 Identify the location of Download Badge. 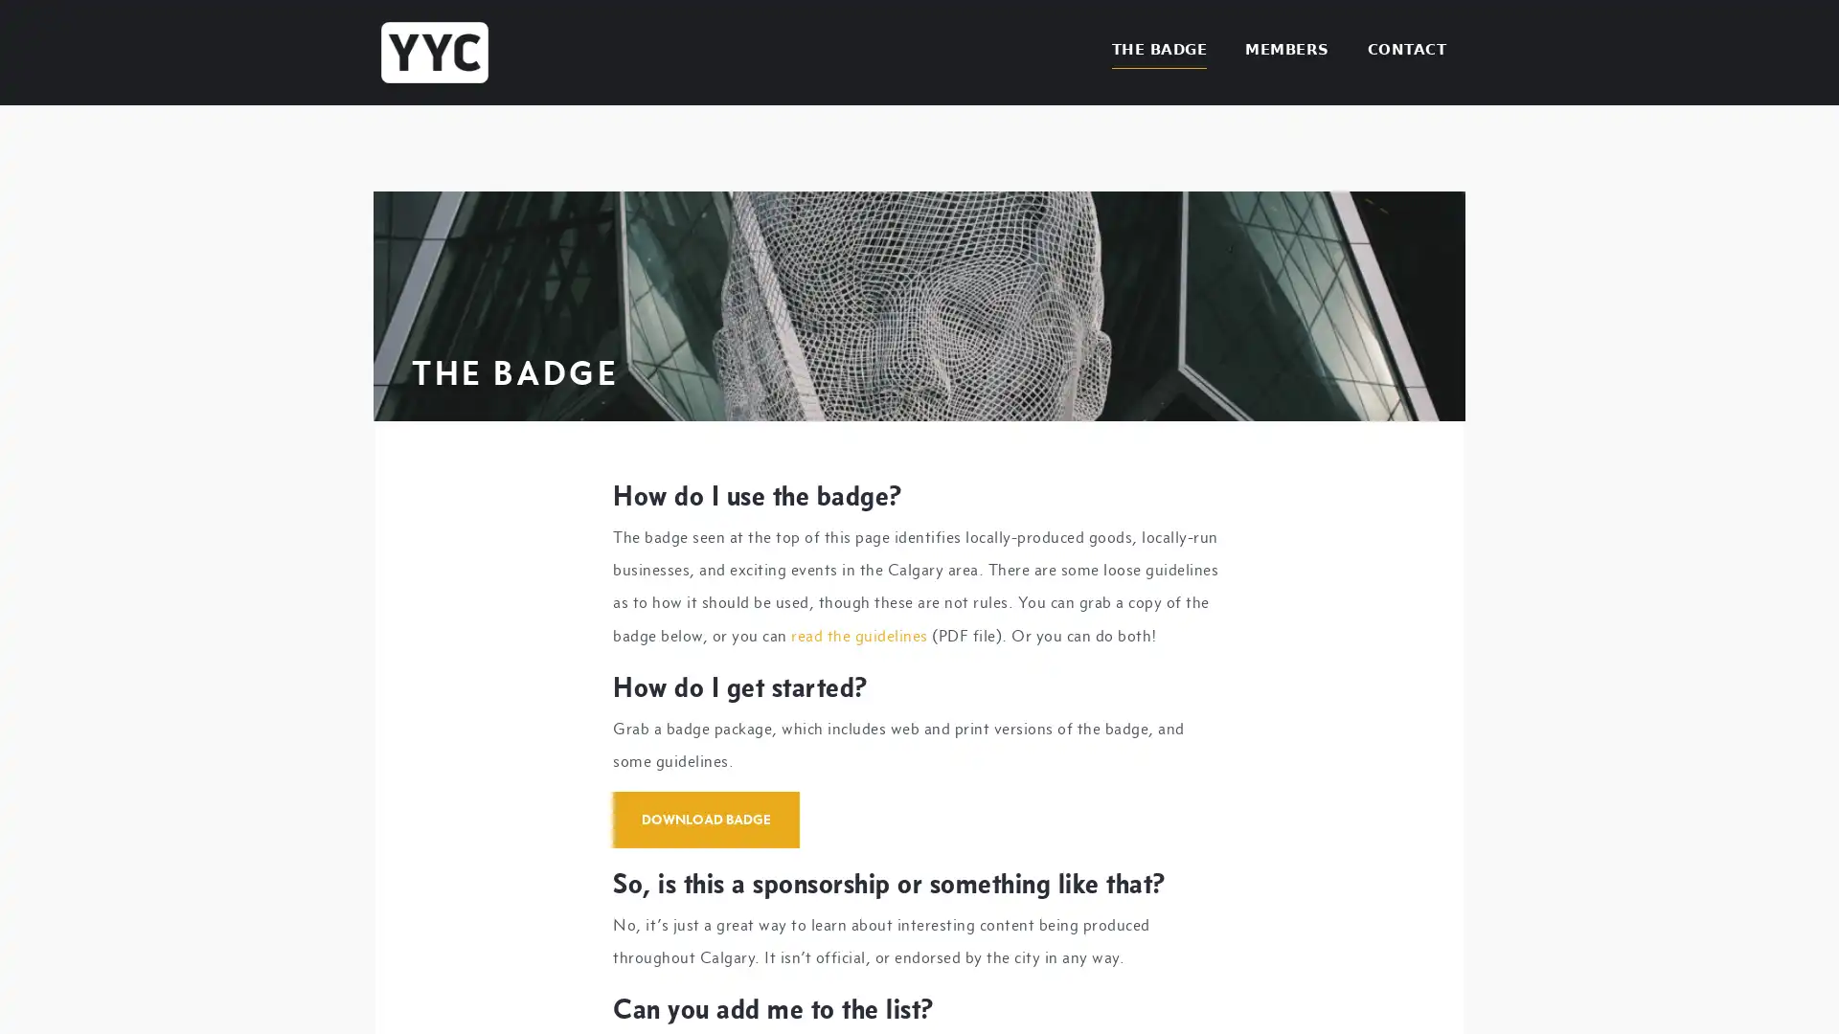
(705, 819).